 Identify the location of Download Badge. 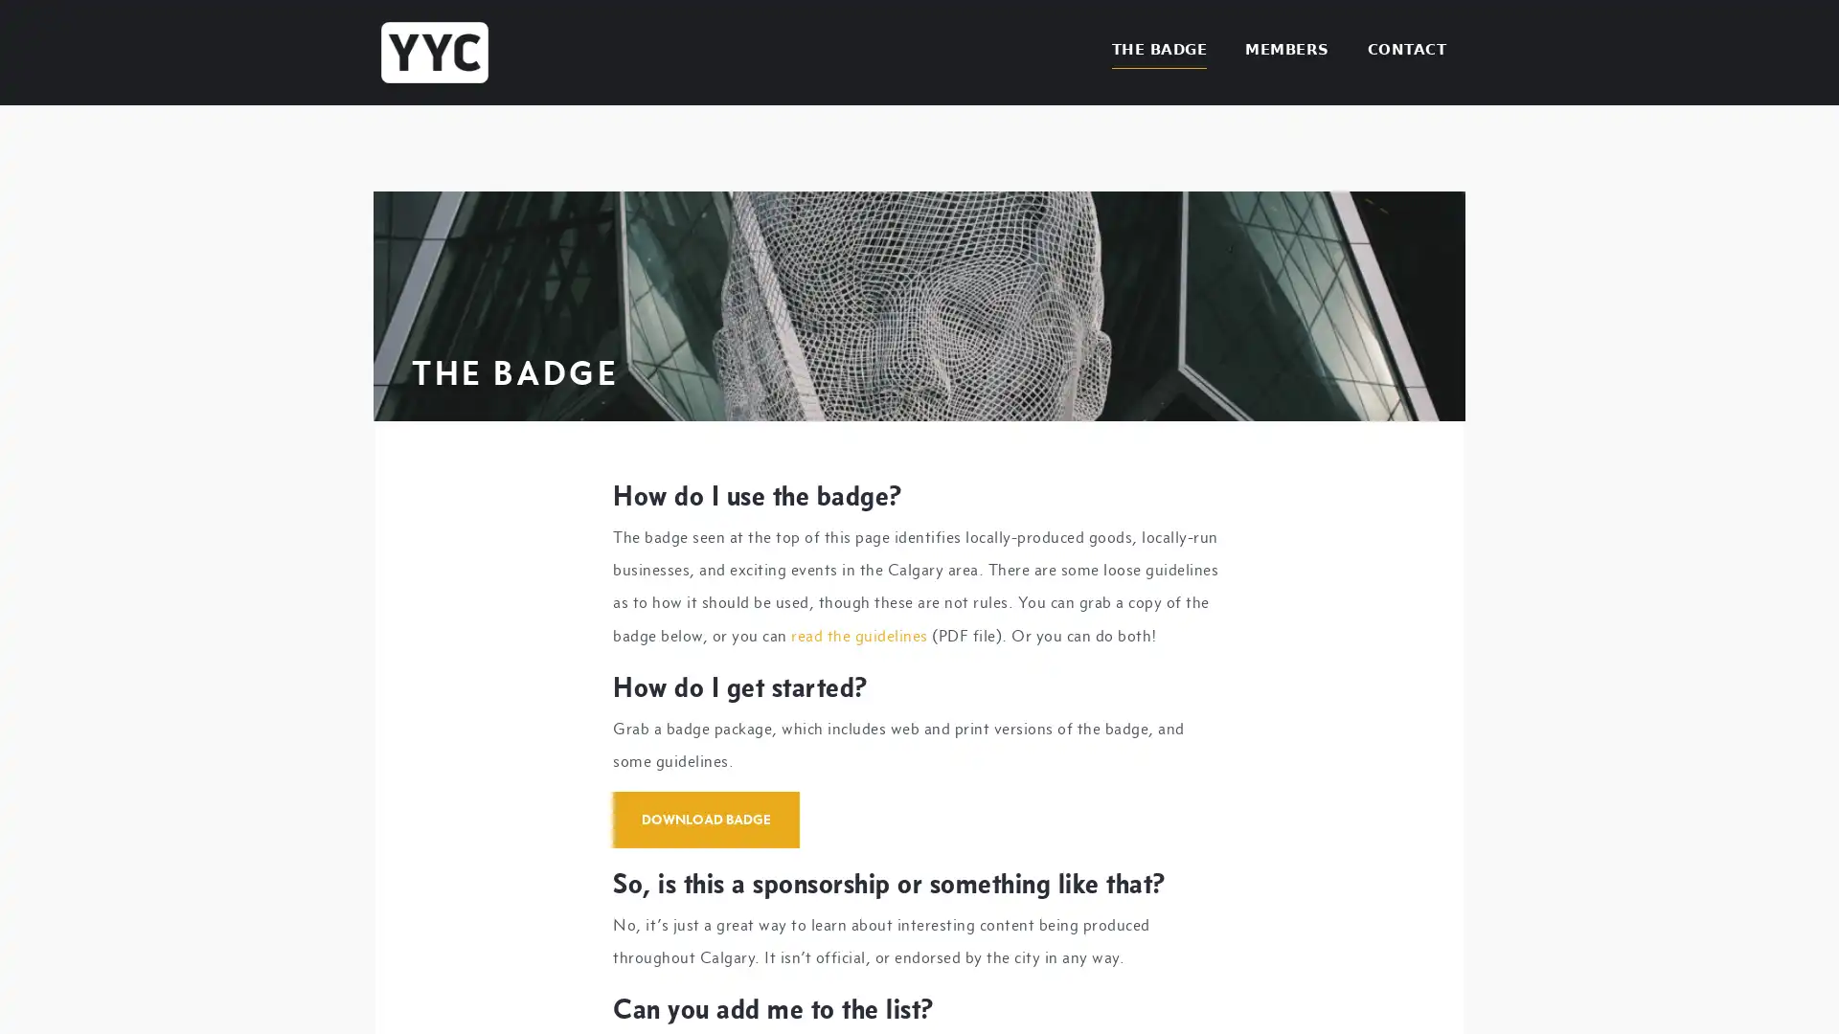
(705, 819).